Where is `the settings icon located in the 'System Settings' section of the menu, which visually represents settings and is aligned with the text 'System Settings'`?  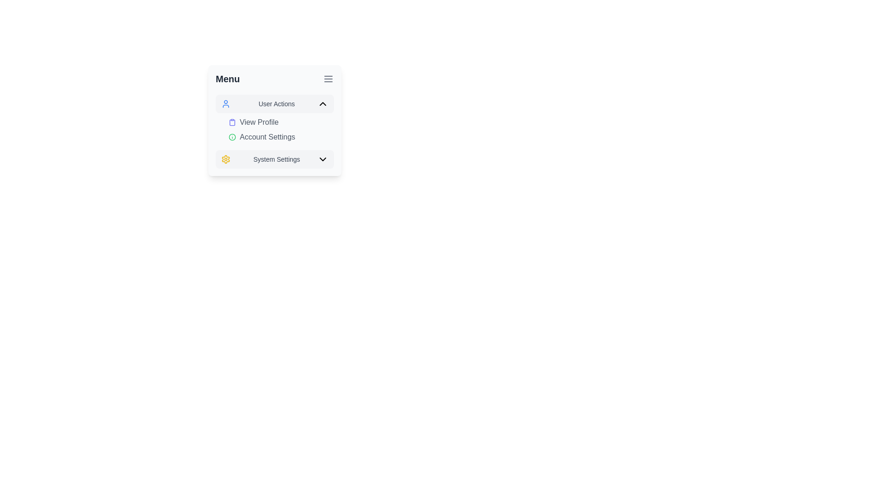 the settings icon located in the 'System Settings' section of the menu, which visually represents settings and is aligned with the text 'System Settings' is located at coordinates (226, 158).